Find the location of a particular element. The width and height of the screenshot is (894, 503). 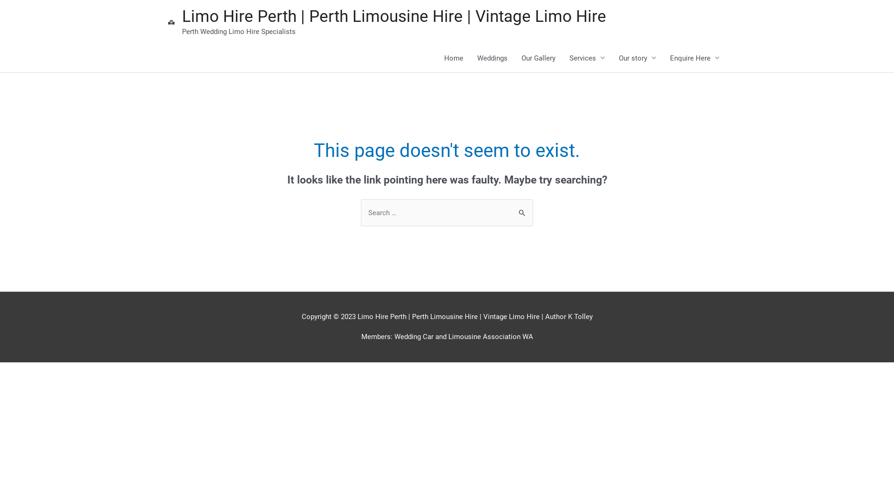

'Enquire Here' is located at coordinates (695, 57).